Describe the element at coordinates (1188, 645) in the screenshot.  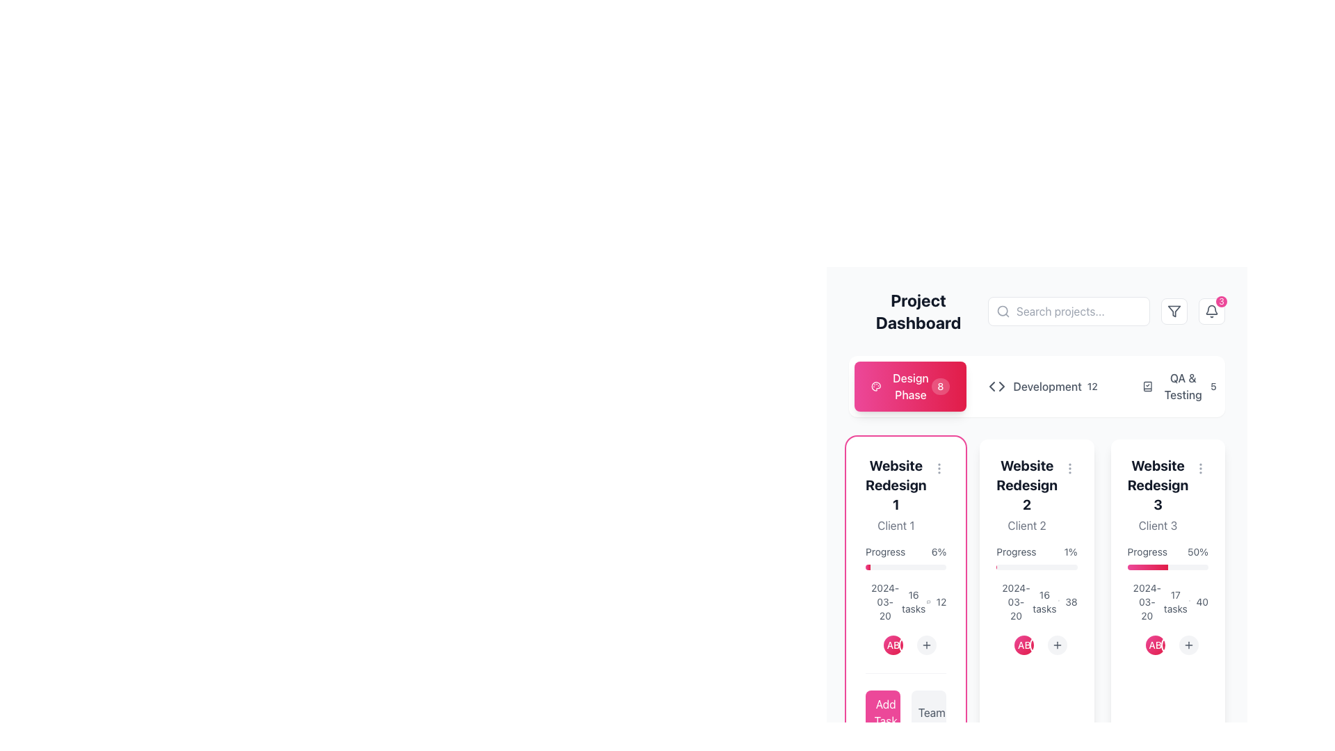
I see `the Add Button located in the bottom-right corner of the 'Website Redesign 3' card, which triggers the action to add a new item or task` at that location.